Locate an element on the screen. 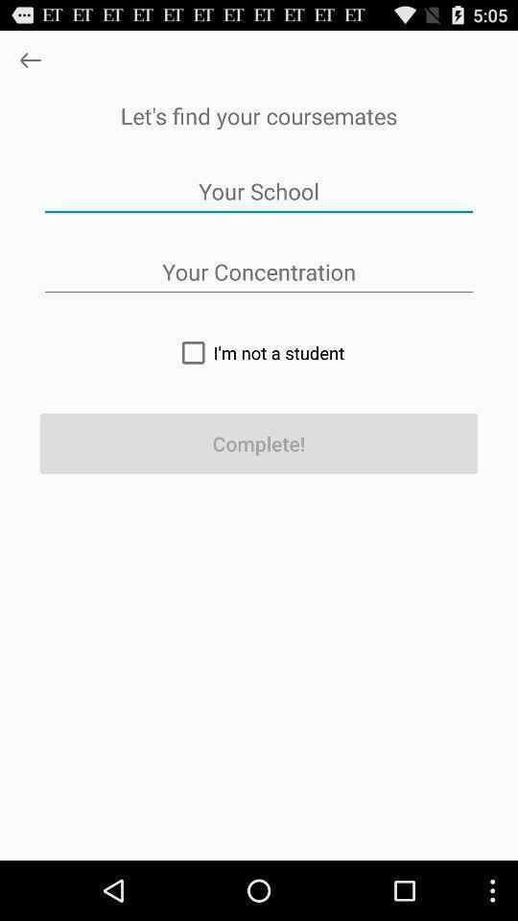 The width and height of the screenshot is (518, 921). previous option is located at coordinates (29, 59).